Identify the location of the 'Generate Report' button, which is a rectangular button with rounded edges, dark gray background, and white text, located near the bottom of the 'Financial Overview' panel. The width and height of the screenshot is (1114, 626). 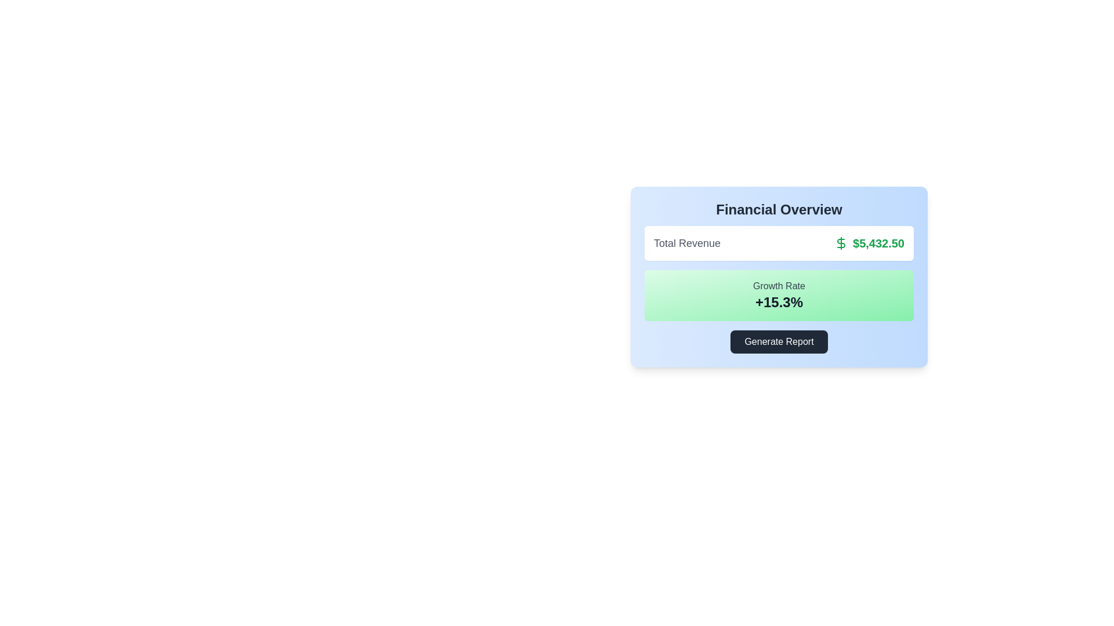
(779, 341).